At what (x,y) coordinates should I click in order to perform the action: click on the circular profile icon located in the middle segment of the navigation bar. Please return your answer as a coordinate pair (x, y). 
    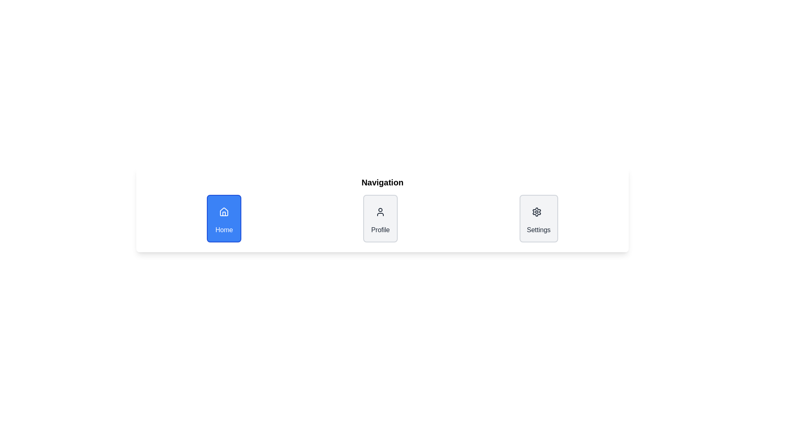
    Looking at the image, I should click on (380, 211).